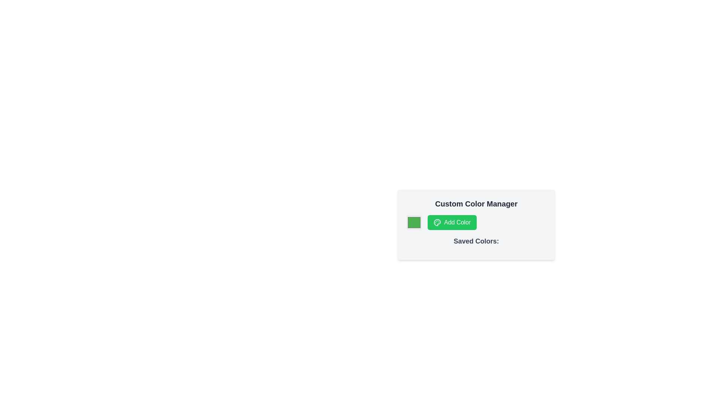 The height and width of the screenshot is (404, 719). What do you see at coordinates (437, 222) in the screenshot?
I see `decorative icon within the green rectangular button labeled 'Add Color' in the 'Custom Color Manager' panel` at bounding box center [437, 222].